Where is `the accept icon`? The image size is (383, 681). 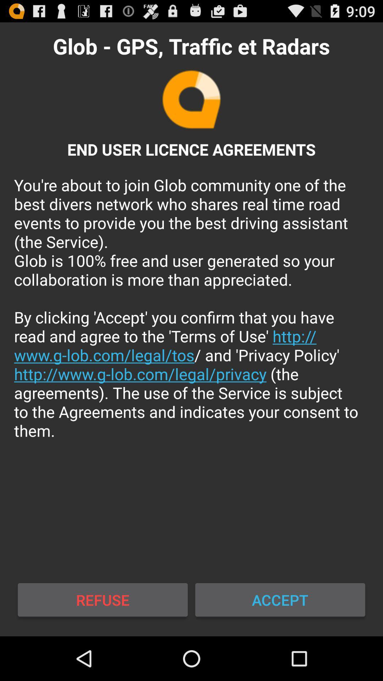
the accept icon is located at coordinates (280, 599).